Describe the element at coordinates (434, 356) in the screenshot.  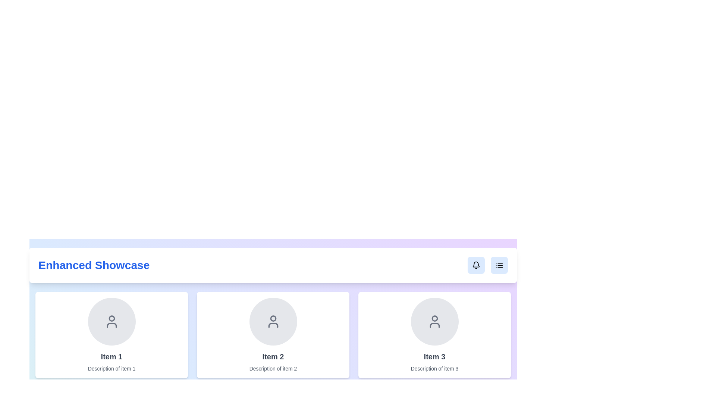
I see `title text 'Item 3' located in the third card of a horizontally aligned list of cards, positioned beneath an icon and above the description text` at that location.